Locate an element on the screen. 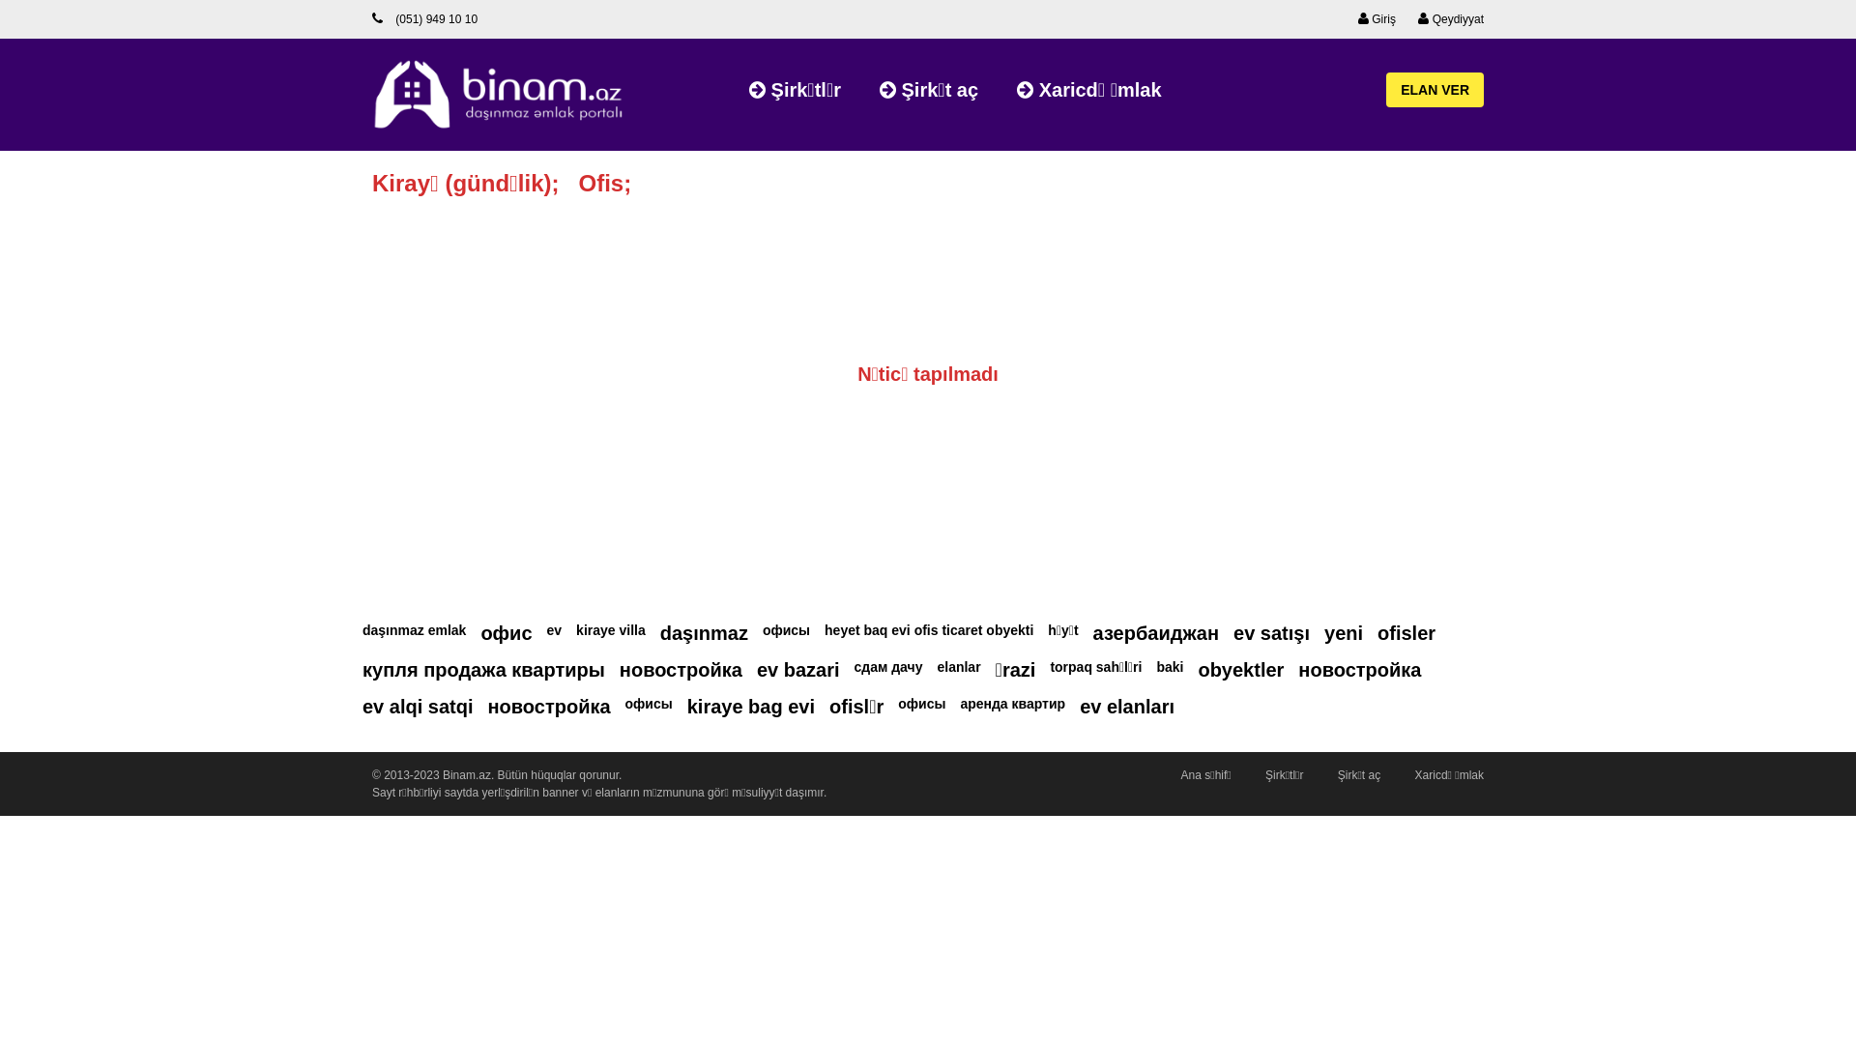 This screenshot has width=1856, height=1044. 'baki' is located at coordinates (1155, 666).